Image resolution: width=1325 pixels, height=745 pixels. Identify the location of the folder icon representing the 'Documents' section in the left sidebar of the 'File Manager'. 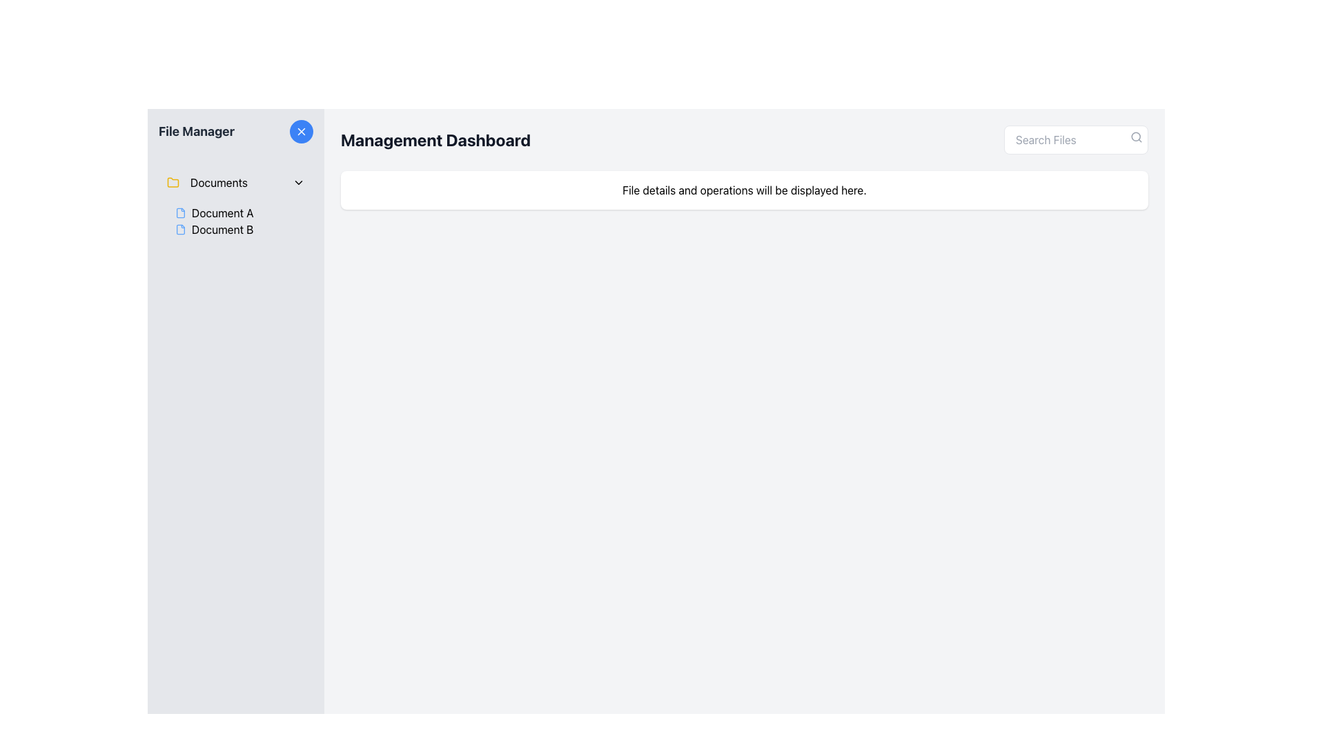
(172, 181).